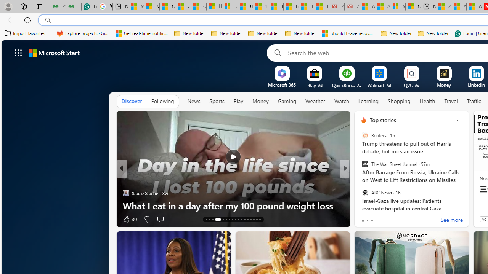 The width and height of the screenshot is (488, 274). Describe the element at coordinates (209, 220) in the screenshot. I see `'AutomationID: tab-14'` at that location.